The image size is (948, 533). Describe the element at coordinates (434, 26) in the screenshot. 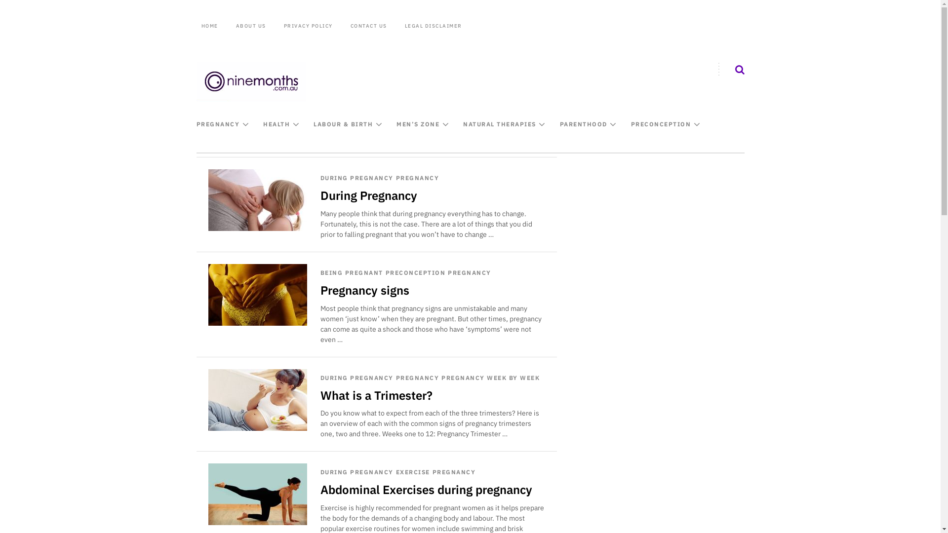

I see `'LEGAL DISCLAIMER'` at that location.